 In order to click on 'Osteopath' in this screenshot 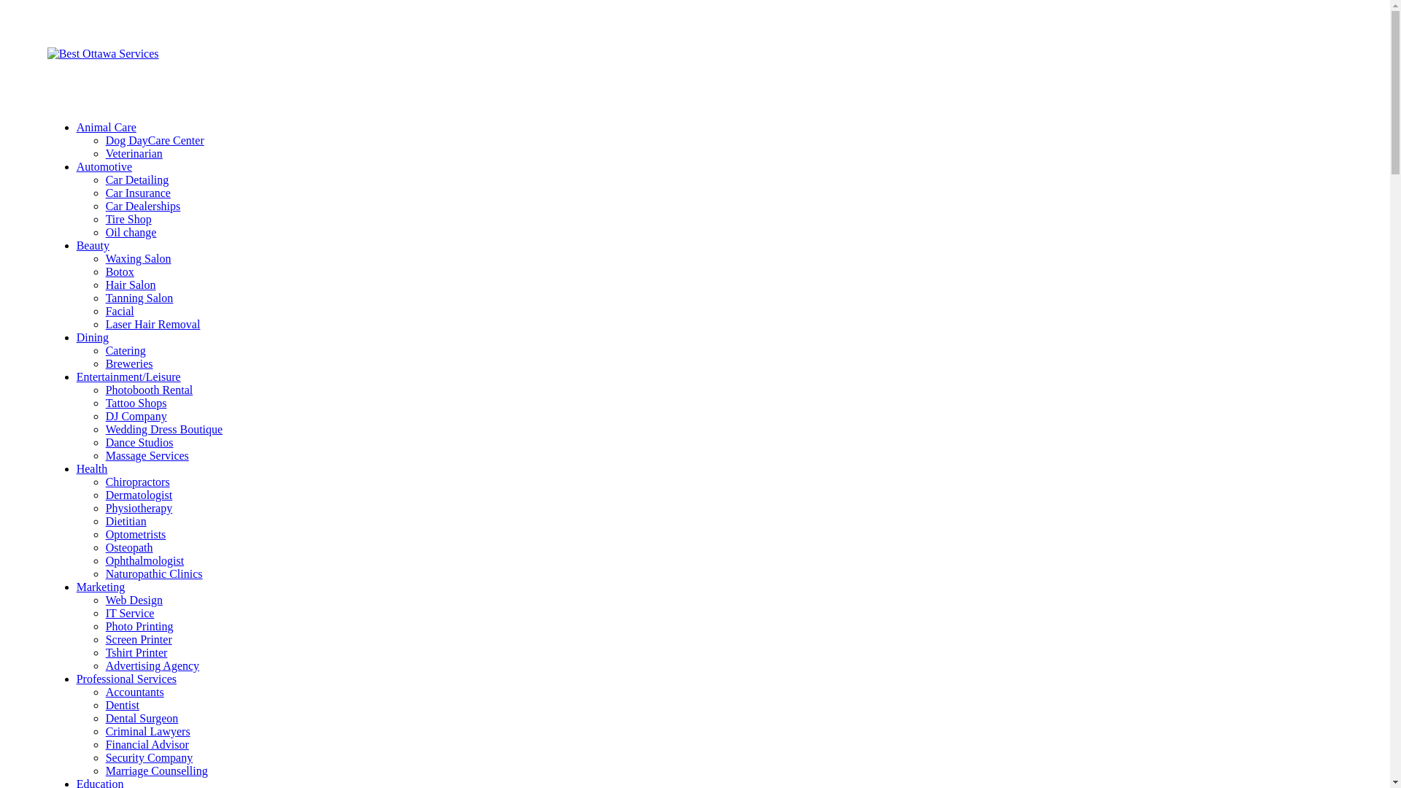, I will do `click(129, 547)`.